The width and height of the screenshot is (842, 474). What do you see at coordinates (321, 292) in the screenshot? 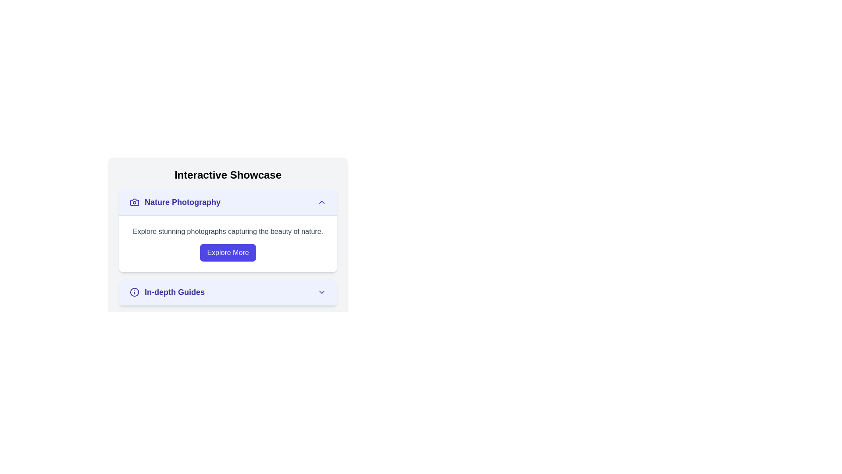
I see `the dropdown indicator icon located to the right of the 'In-depth Guides' section` at bounding box center [321, 292].